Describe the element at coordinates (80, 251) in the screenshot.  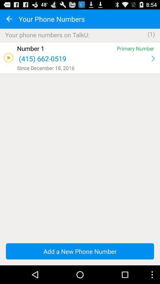
I see `add a new` at that location.